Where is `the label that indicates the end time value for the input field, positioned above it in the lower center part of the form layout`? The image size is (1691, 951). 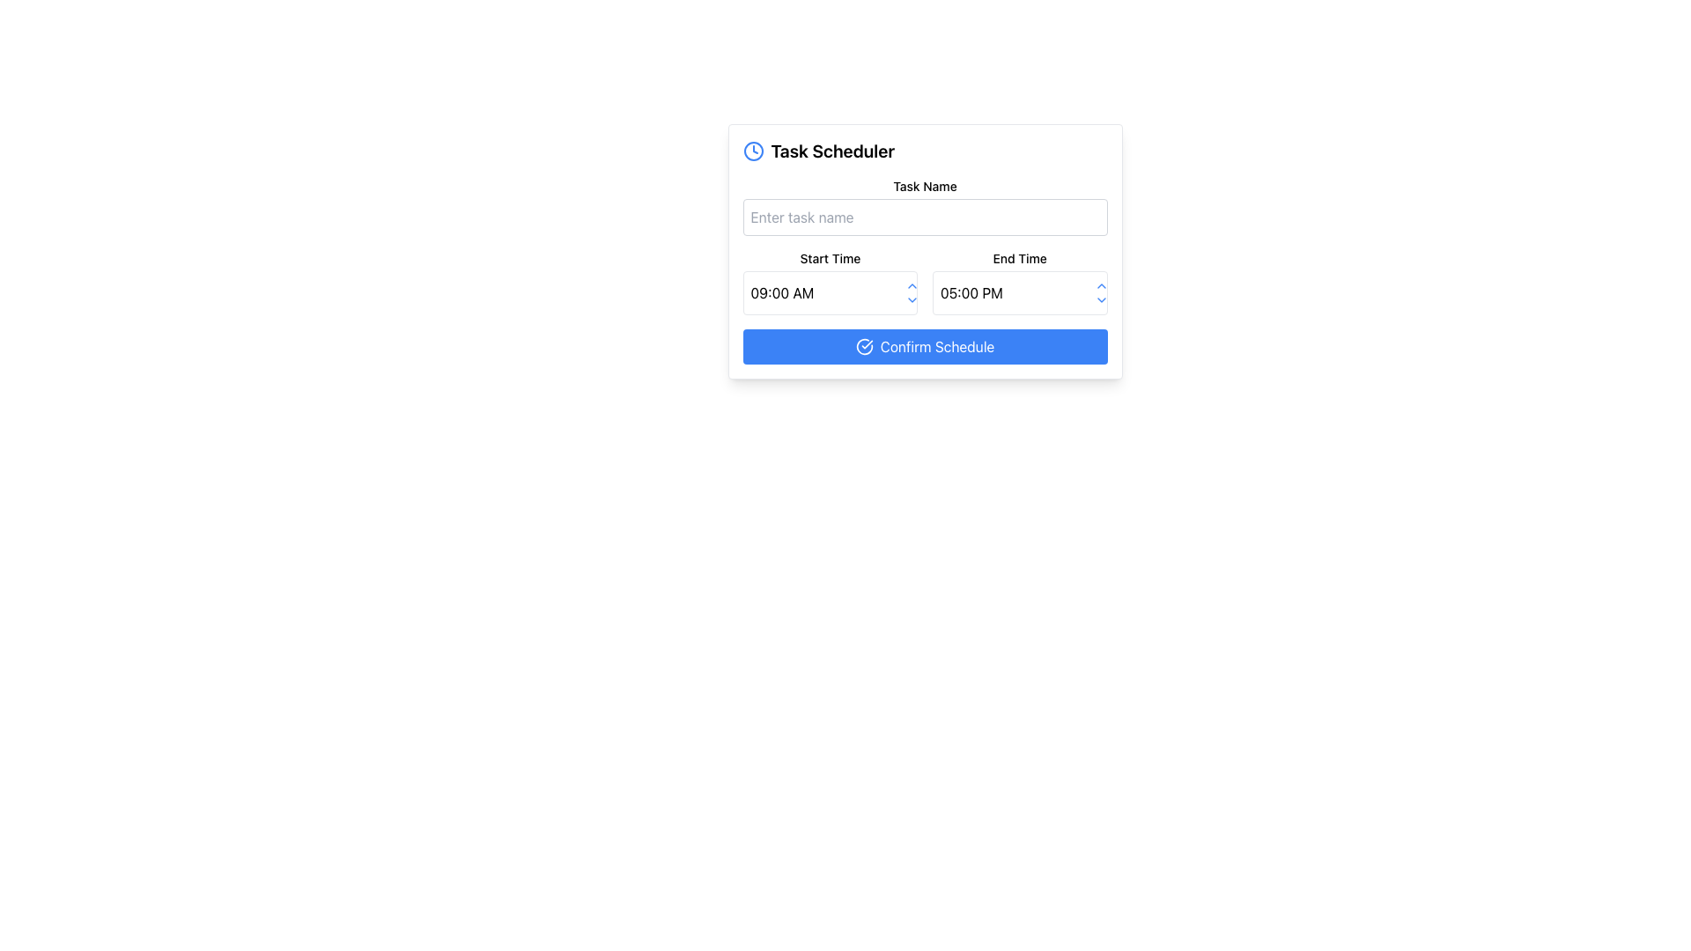
the label that indicates the end time value for the input field, positioned above it in the lower center part of the form layout is located at coordinates (1020, 258).